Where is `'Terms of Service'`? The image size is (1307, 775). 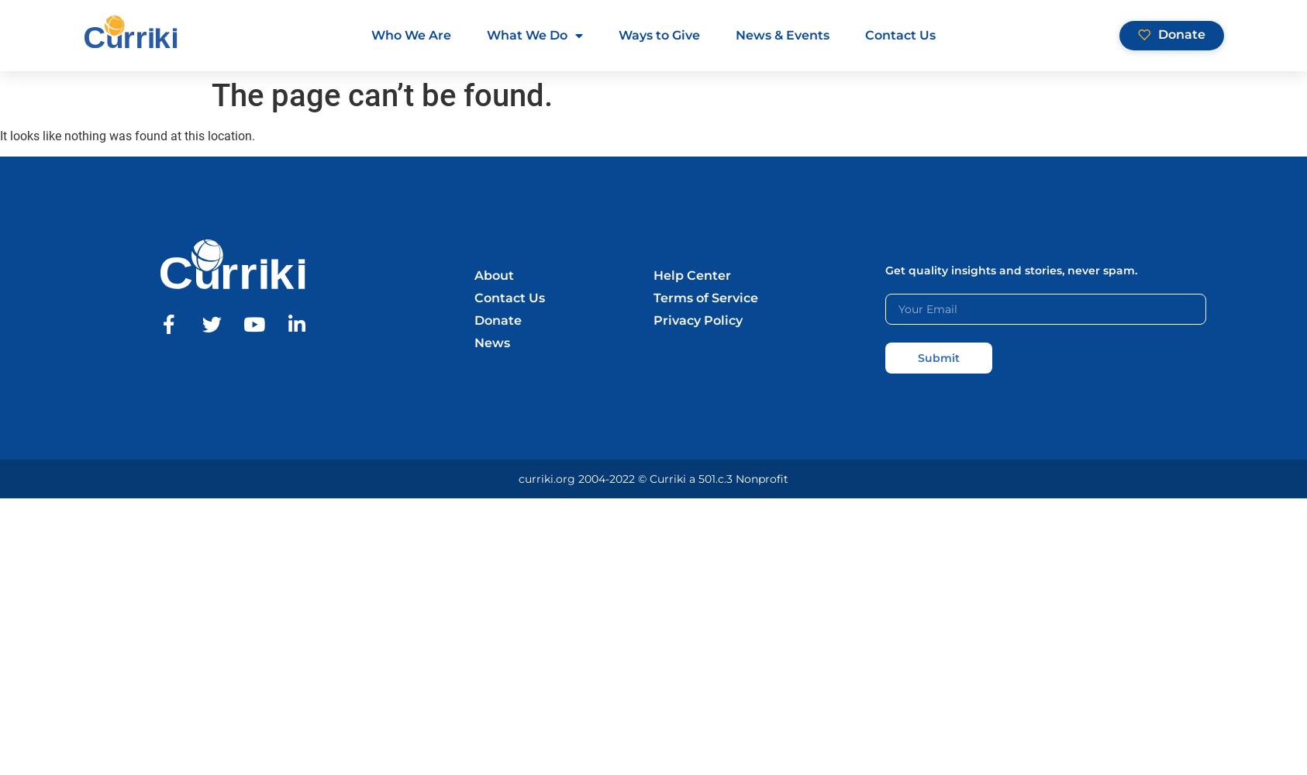 'Terms of Service' is located at coordinates (705, 298).